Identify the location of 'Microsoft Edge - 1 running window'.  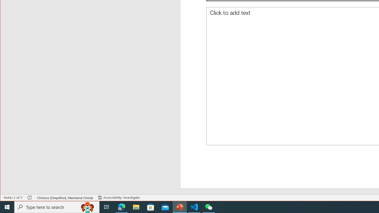
(121, 206).